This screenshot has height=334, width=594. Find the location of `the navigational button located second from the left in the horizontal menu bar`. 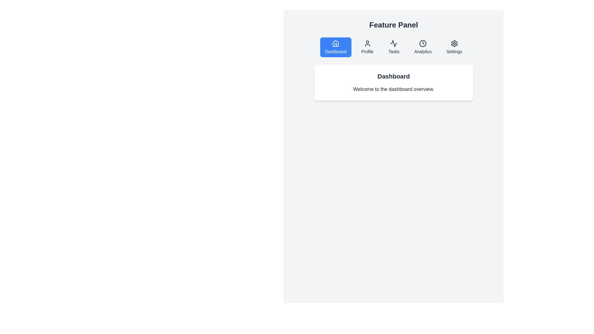

the navigational button located second from the left in the horizontal menu bar is located at coordinates (367, 47).